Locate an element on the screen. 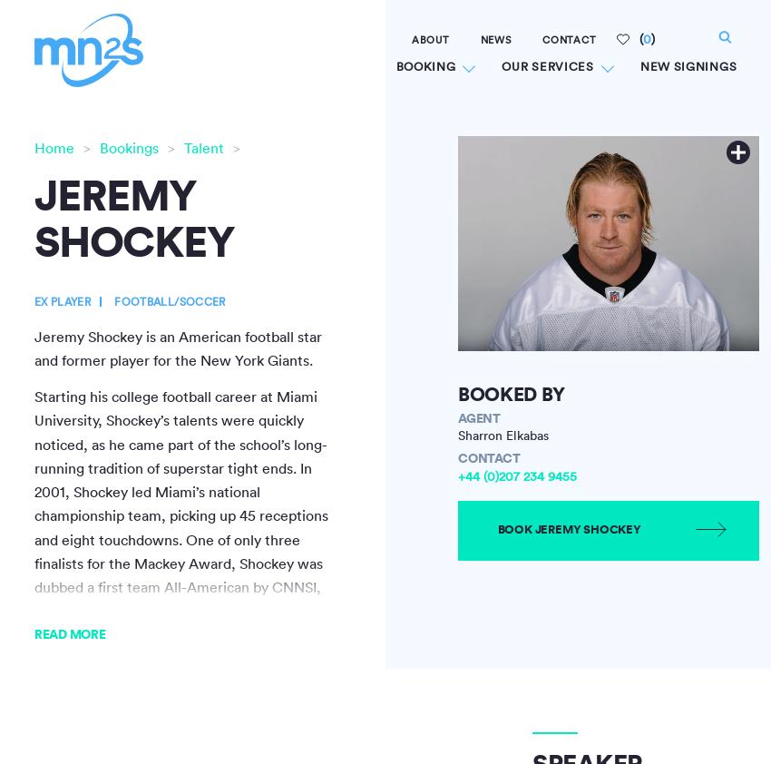 The width and height of the screenshot is (771, 764). 'Label Services' is located at coordinates (474, 201).